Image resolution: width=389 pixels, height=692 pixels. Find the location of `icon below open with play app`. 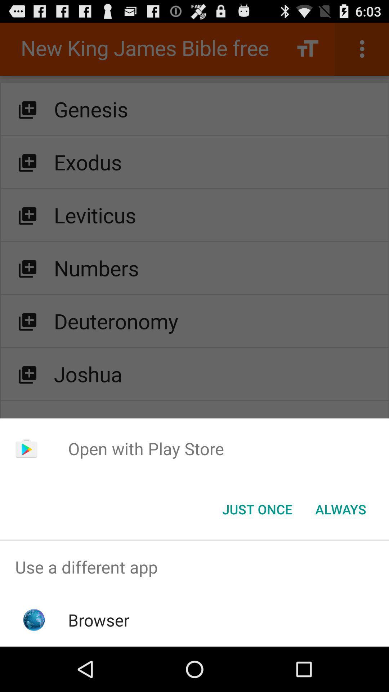

icon below open with play app is located at coordinates (257, 509).